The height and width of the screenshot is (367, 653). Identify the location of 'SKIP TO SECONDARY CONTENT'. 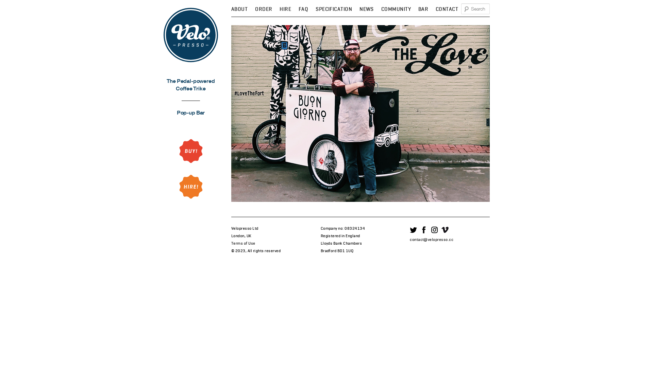
(270, 7).